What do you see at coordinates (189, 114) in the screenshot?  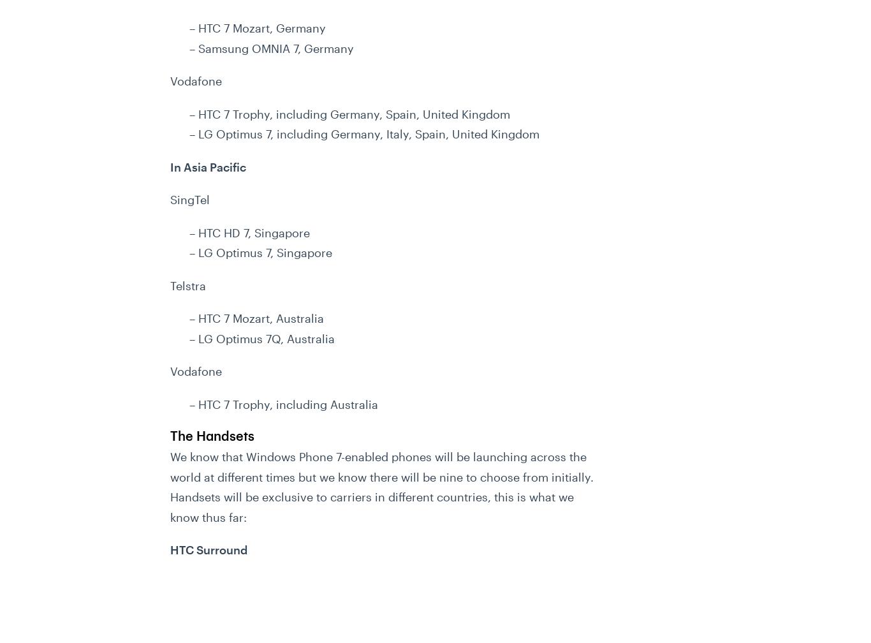 I see `'– HTC 7 Trophy, including Germany, Spain, United Kingdom'` at bounding box center [189, 114].